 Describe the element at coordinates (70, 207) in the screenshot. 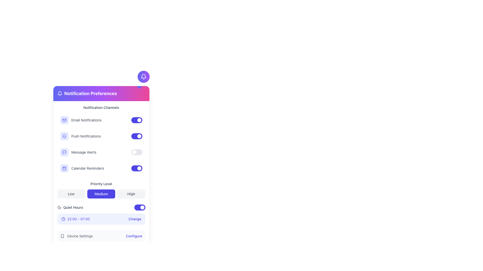

I see `the 'Quiet Hours' label with icon, which indicates the settings for notification controls and is positioned between the 'Priority Level' buttons and a time range control` at that location.